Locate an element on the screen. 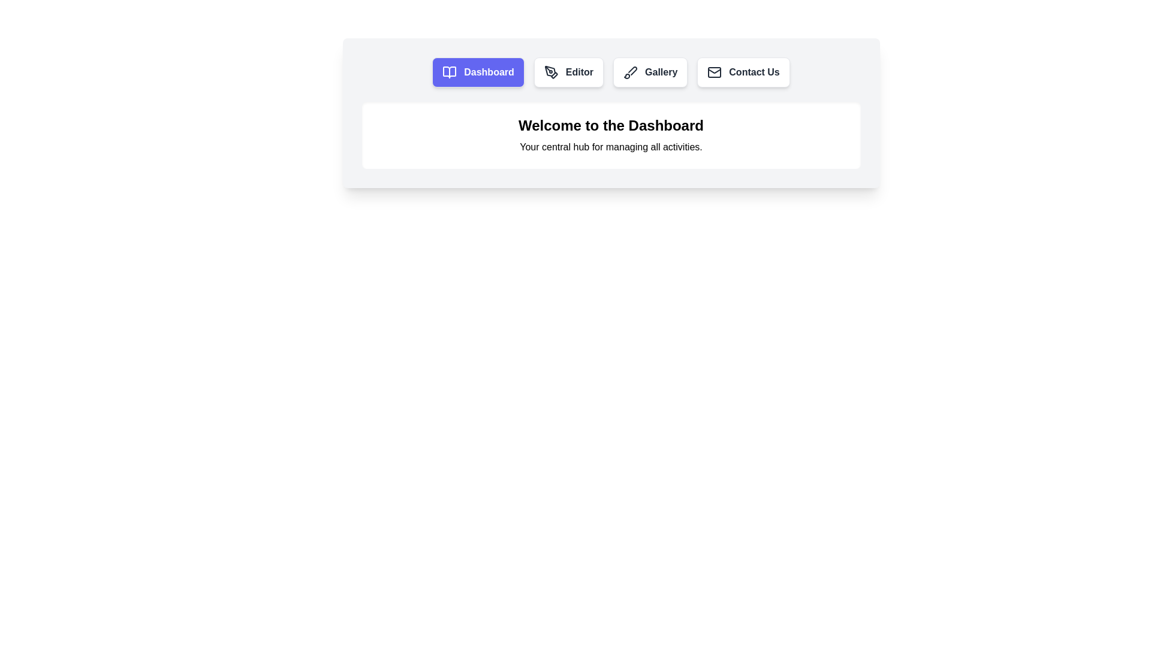 The height and width of the screenshot is (647, 1151). the informational heading with subtitle text that welcomes users to the dashboard, located in a rectangular white card with rounded corners near the top of the interface is located at coordinates (611, 135).